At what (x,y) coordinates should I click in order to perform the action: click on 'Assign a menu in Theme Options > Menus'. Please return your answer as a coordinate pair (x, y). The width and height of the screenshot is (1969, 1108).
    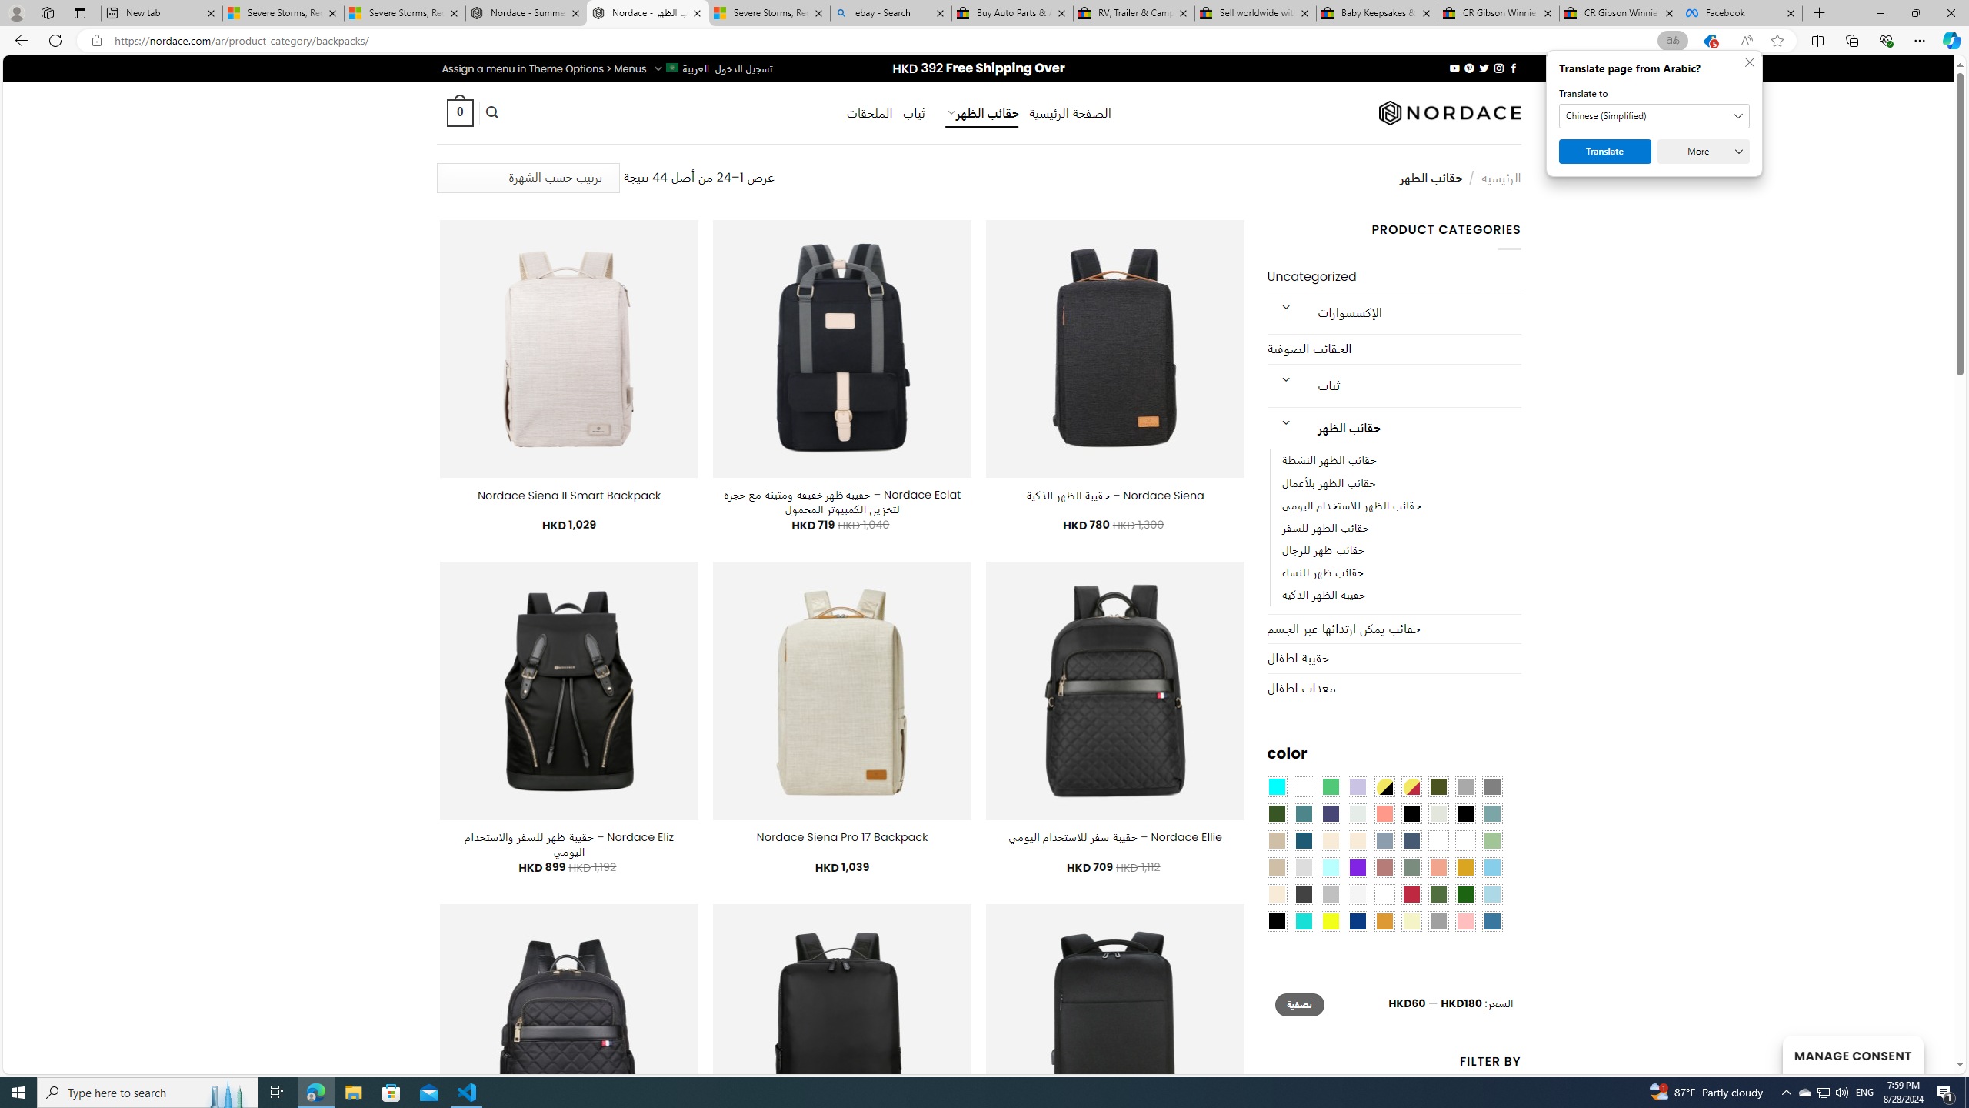
    Looking at the image, I should click on (543, 68).